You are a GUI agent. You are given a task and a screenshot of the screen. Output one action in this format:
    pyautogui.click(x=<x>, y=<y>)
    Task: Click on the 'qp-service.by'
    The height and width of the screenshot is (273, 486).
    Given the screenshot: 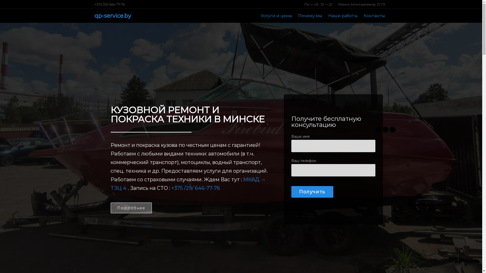 What is the action you would take?
    pyautogui.click(x=112, y=15)
    